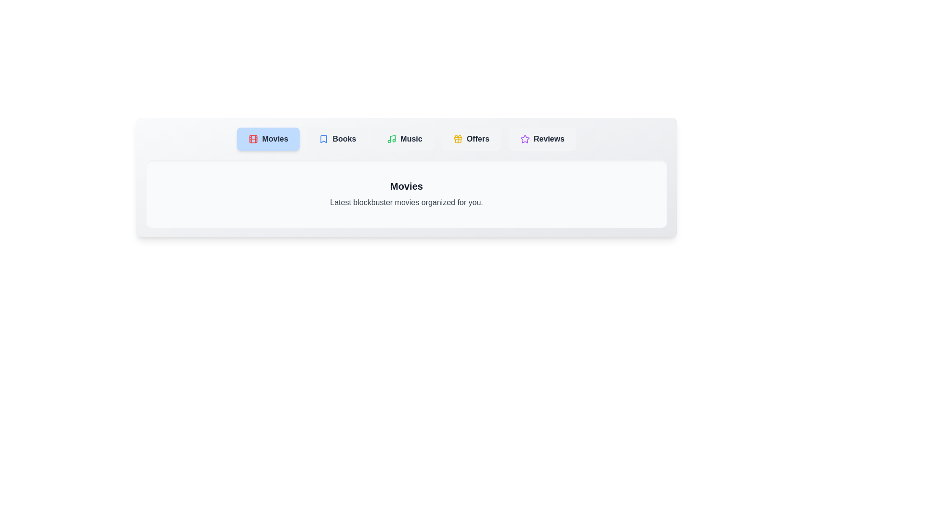 Image resolution: width=925 pixels, height=520 pixels. What do you see at coordinates (337, 139) in the screenshot?
I see `the Books tab by clicking on its button` at bounding box center [337, 139].